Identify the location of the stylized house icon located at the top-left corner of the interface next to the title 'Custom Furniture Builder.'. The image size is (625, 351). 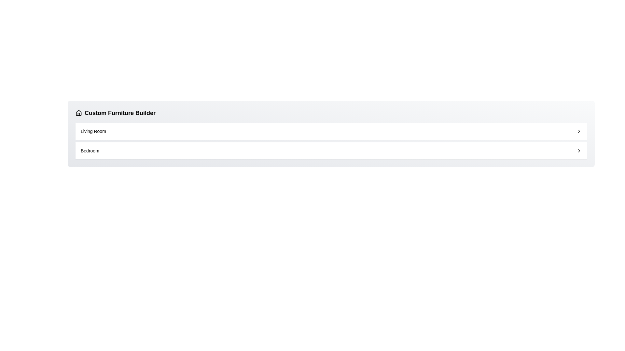
(78, 112).